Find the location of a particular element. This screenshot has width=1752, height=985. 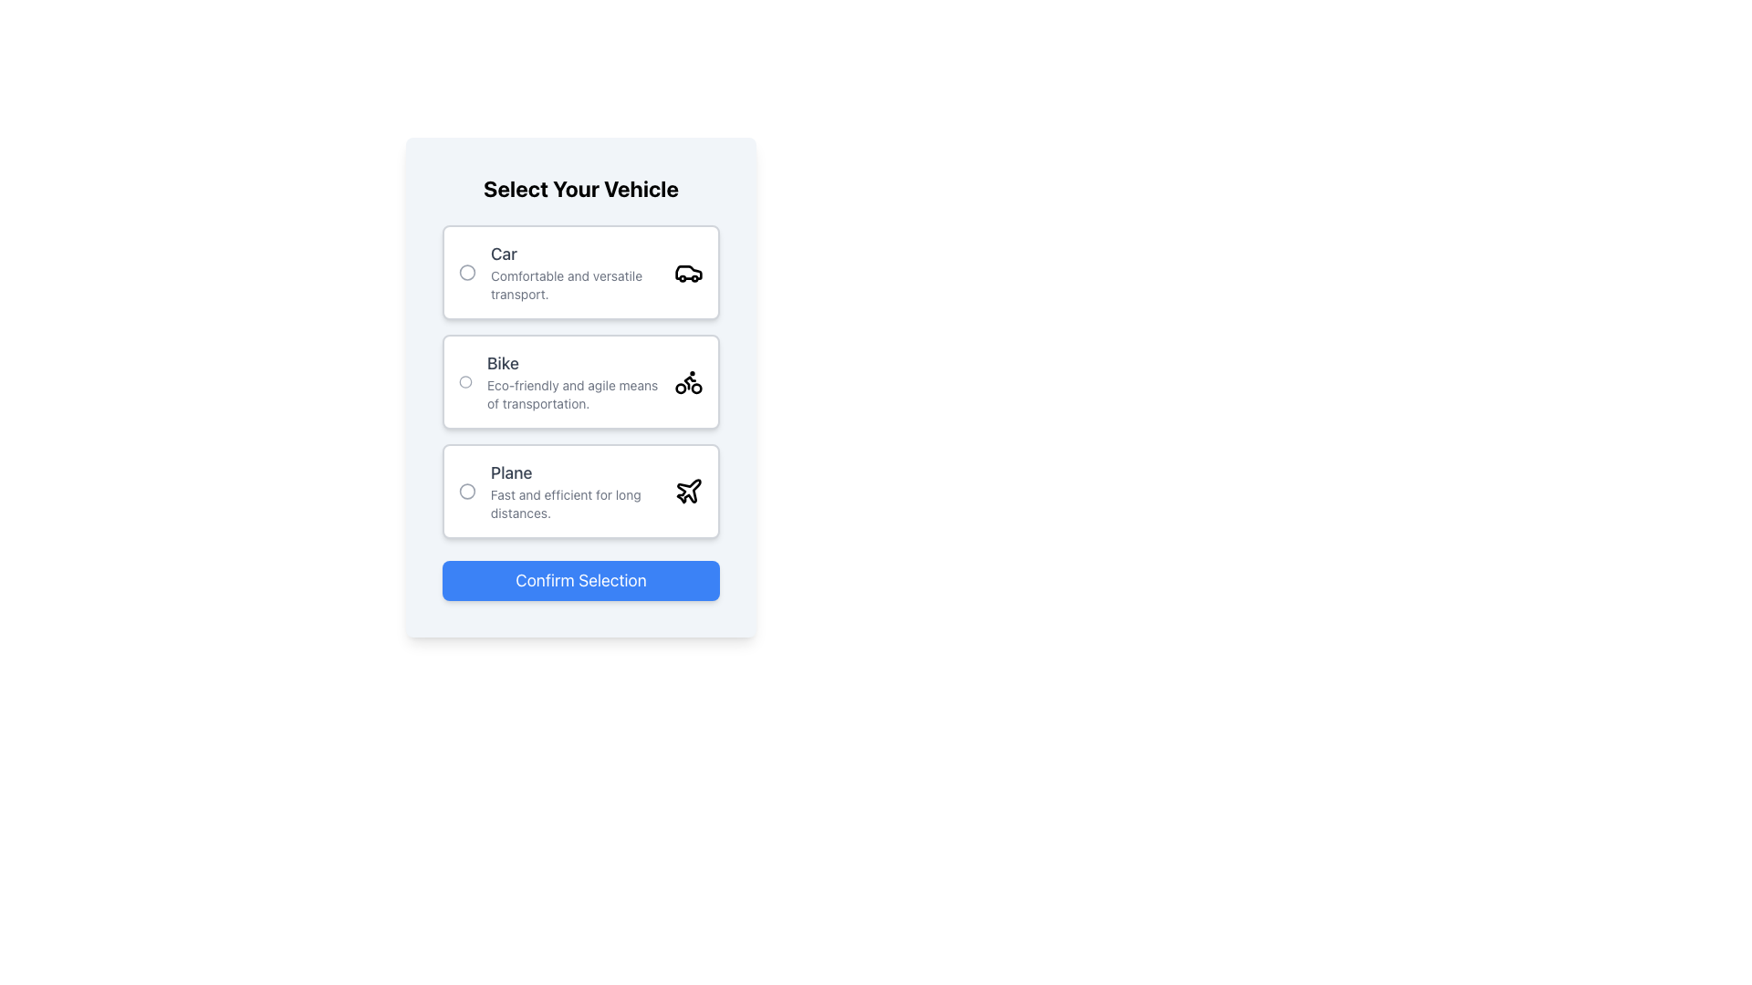

the circular graphic icon representing the 'Car' option, which is located to the left of the descriptive text 'Comfortable and versatile transport.' is located at coordinates (467, 273).